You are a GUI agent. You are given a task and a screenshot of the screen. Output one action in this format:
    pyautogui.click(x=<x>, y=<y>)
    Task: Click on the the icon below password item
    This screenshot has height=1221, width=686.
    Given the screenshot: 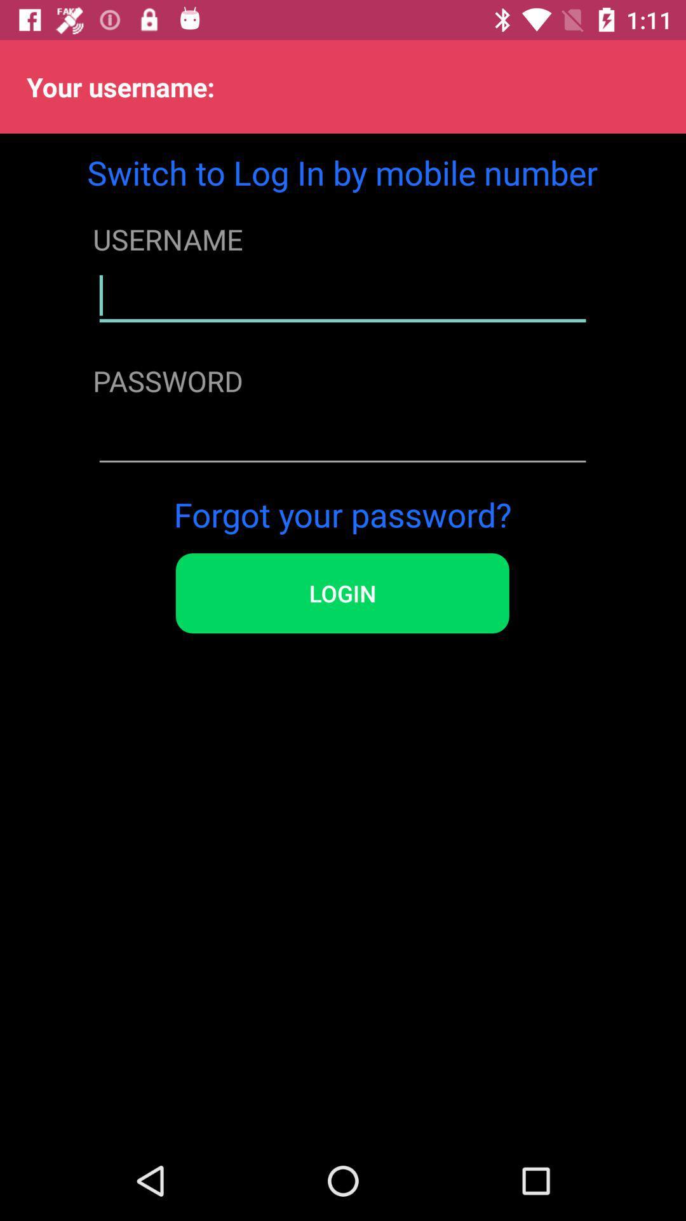 What is the action you would take?
    pyautogui.click(x=342, y=438)
    